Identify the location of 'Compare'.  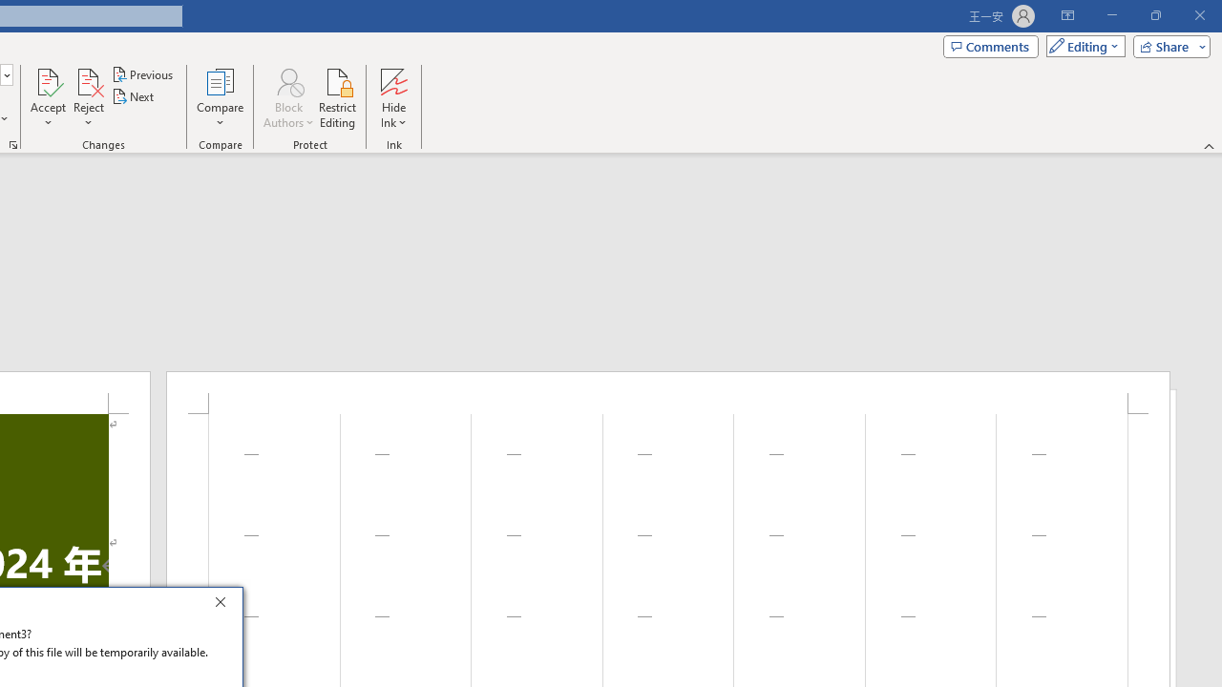
(221, 98).